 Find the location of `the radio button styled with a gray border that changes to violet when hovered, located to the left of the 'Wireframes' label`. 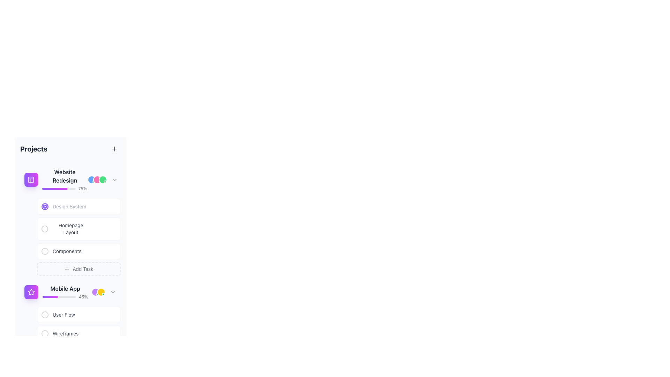

the radio button styled with a gray border that changes to violet when hovered, located to the left of the 'Wireframes' label is located at coordinates (45, 333).